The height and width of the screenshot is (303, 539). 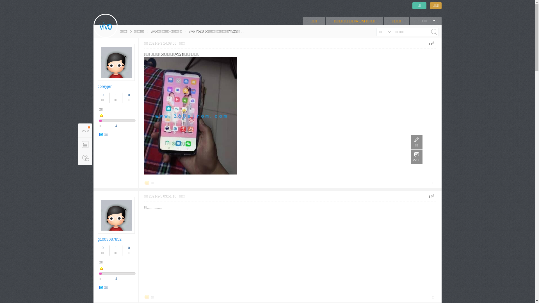 I want to click on '1', so click(x=115, y=95).